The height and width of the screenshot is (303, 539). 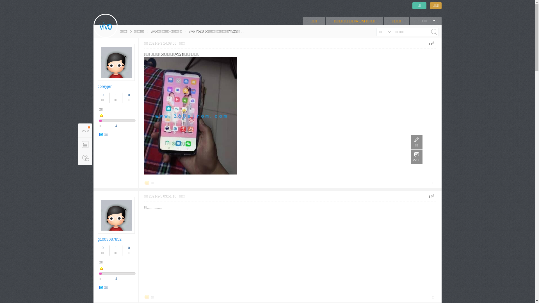 I want to click on '1', so click(x=115, y=95).